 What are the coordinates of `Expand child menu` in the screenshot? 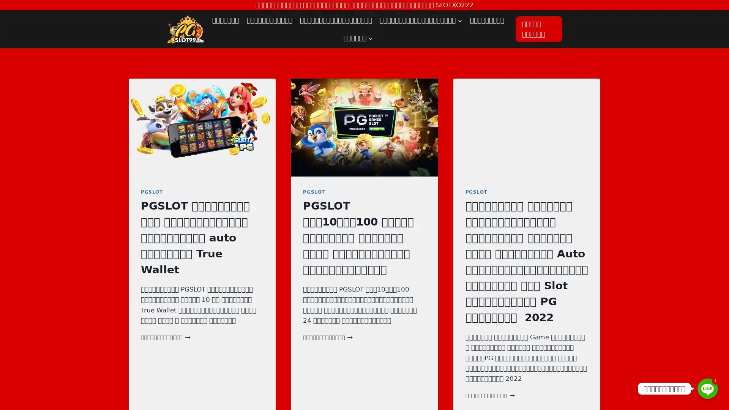 It's located at (357, 38).